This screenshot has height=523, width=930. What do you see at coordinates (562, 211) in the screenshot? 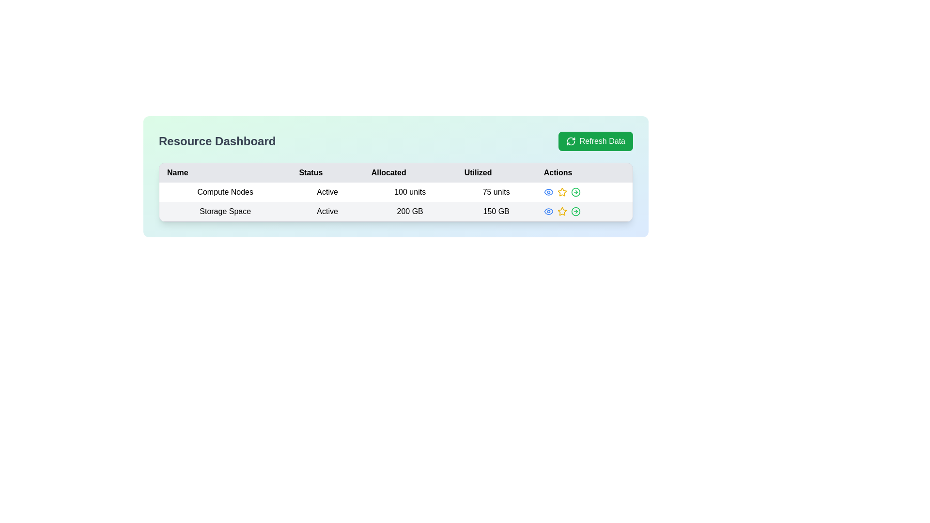
I see `the golden-yellow star icon button in the Actions column` at bounding box center [562, 211].